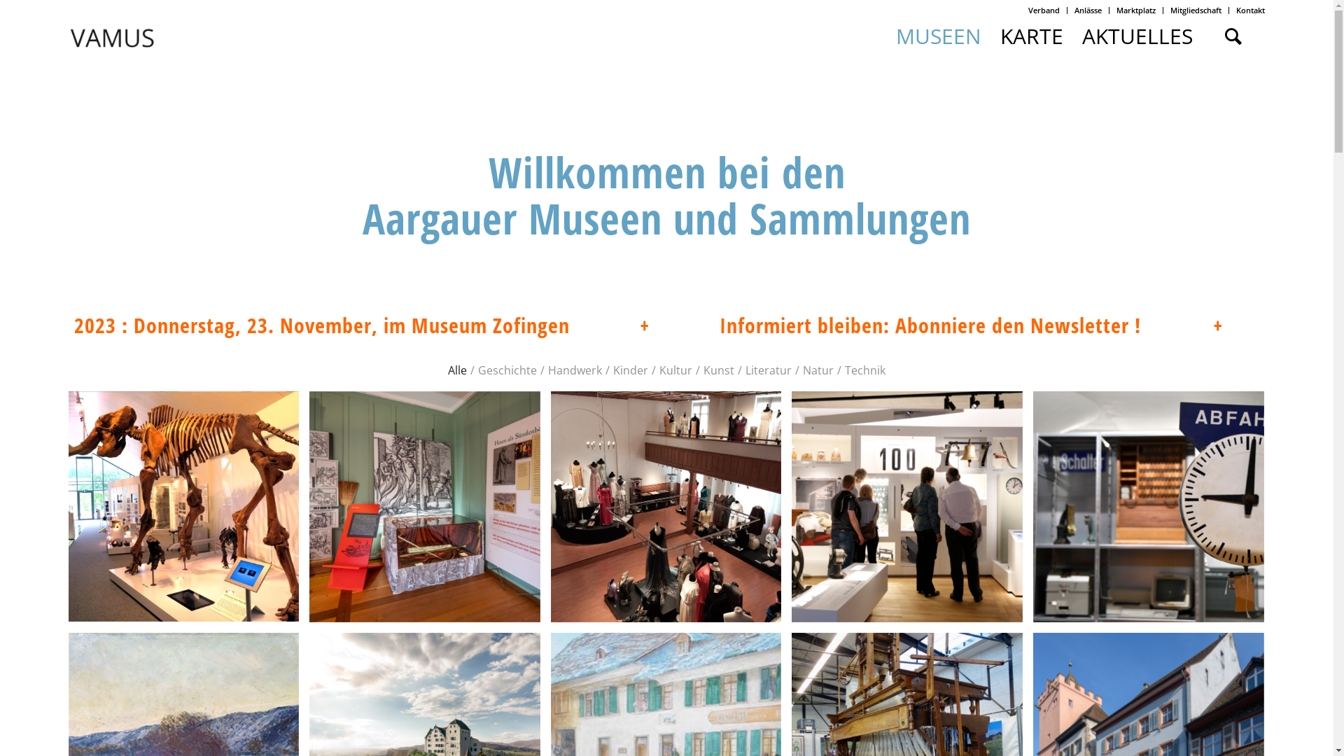  Describe the element at coordinates (1149, 507) in the screenshot. I see `'SBB Historic Windisch'` at that location.